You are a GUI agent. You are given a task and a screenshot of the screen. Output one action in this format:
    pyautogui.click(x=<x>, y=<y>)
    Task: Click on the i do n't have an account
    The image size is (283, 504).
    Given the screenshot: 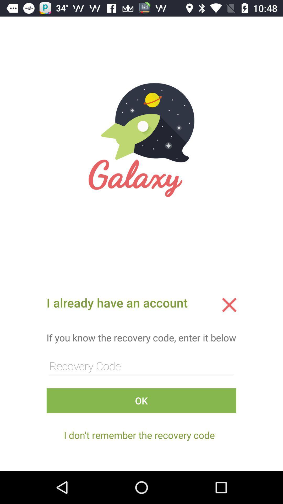 What is the action you would take?
    pyautogui.click(x=229, y=305)
    